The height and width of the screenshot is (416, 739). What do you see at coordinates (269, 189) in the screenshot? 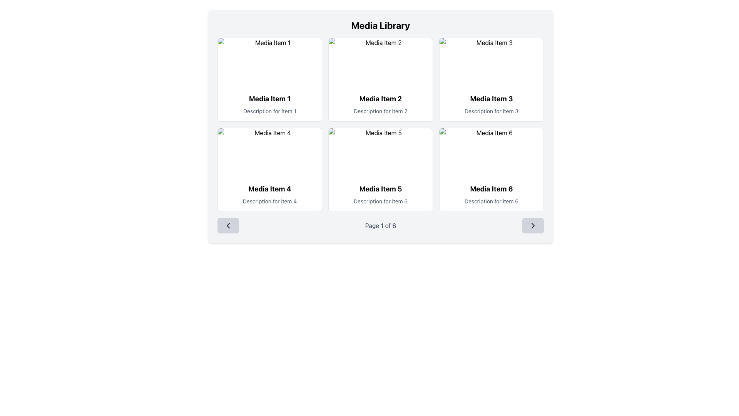
I see `the bold text label titled 'Media Item 4', which is located in the second row, first column of the grid structure` at bounding box center [269, 189].